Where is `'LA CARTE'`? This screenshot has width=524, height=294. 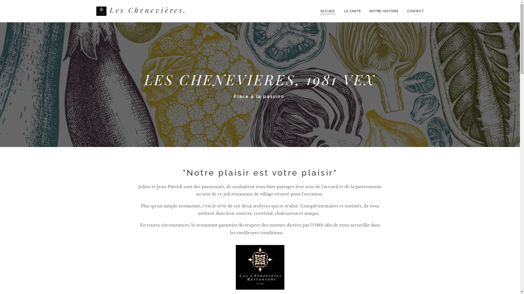 'LA CARTE' is located at coordinates (352, 11).